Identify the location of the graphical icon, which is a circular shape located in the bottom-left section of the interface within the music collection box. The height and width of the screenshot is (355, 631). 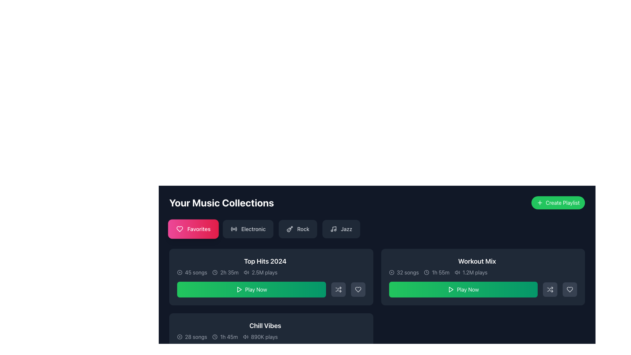
(180, 337).